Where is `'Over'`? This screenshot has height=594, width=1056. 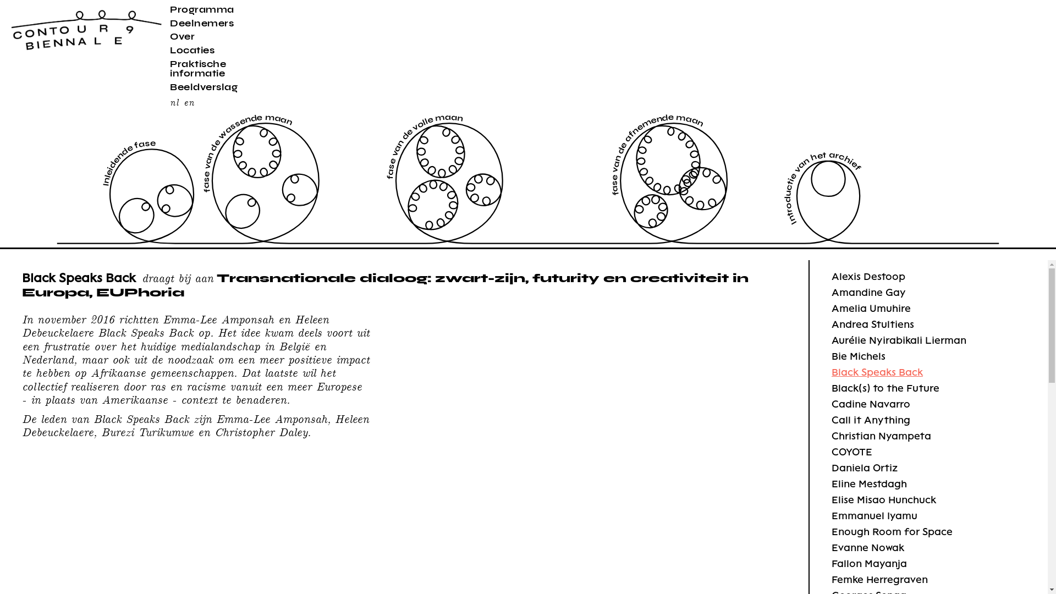 'Over' is located at coordinates (182, 35).